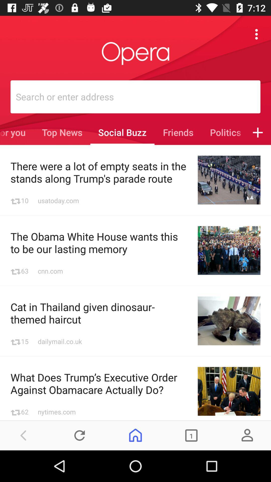 The height and width of the screenshot is (482, 271). What do you see at coordinates (24, 435) in the screenshot?
I see `the arrow_backward icon` at bounding box center [24, 435].